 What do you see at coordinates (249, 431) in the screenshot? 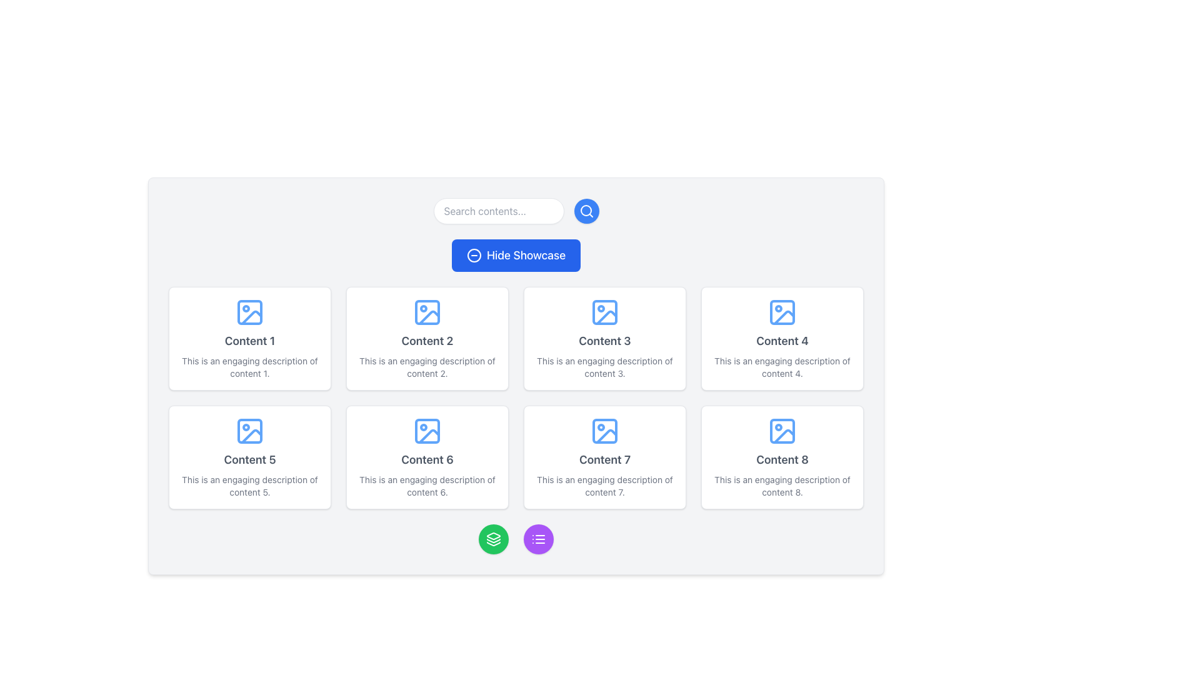
I see `the light blue photo frame icon located in the card labeled 'Content 5' on the second row, first column of the grid layout` at bounding box center [249, 431].